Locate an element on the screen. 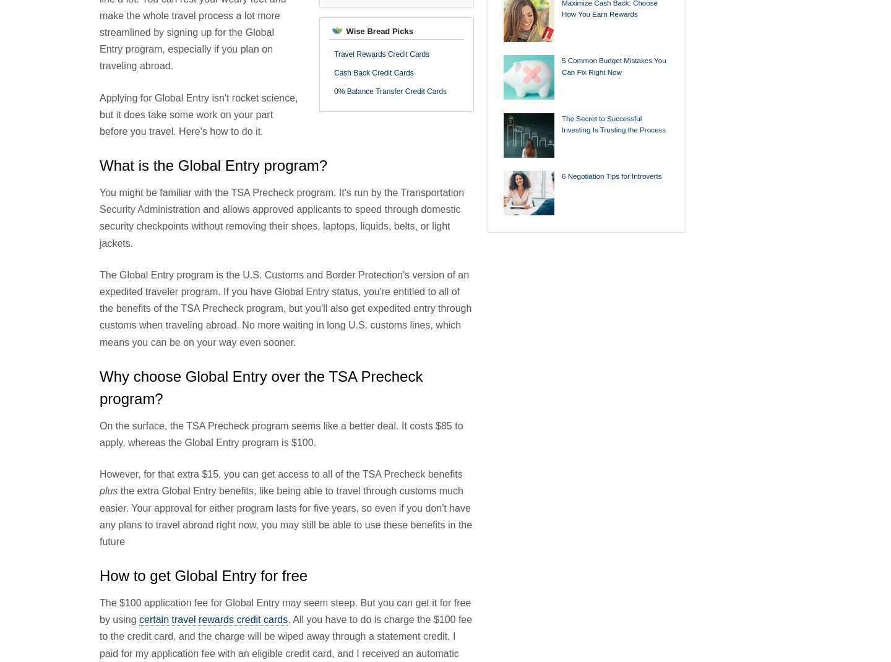  'plus' is located at coordinates (109, 490).